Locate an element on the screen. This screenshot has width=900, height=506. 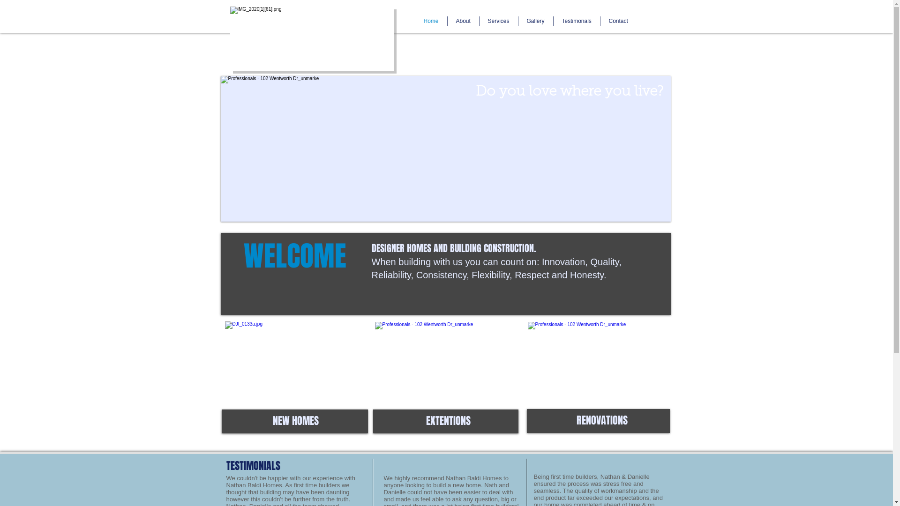
'About' is located at coordinates (463, 21).